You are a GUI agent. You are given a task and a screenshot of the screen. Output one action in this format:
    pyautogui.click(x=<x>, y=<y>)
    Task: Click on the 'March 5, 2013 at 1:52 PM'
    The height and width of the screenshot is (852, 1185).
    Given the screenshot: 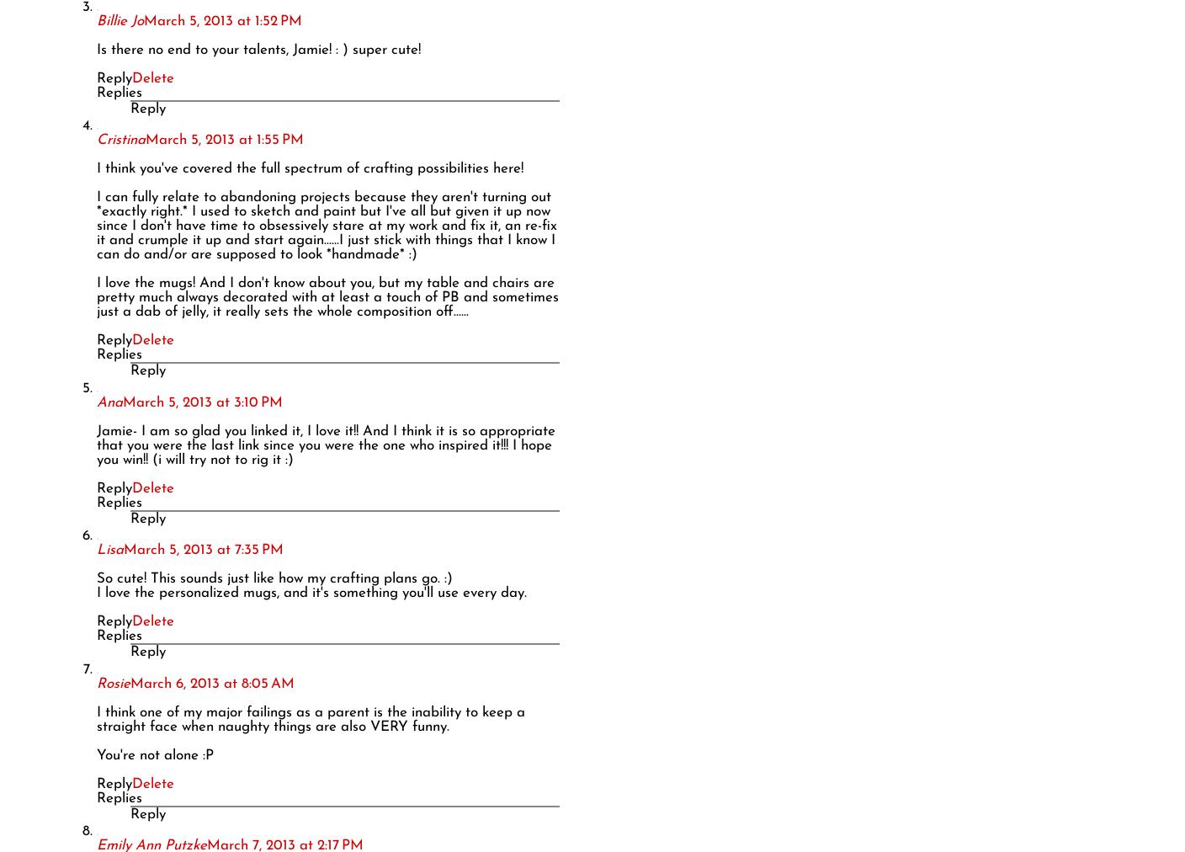 What is the action you would take?
    pyautogui.click(x=221, y=19)
    